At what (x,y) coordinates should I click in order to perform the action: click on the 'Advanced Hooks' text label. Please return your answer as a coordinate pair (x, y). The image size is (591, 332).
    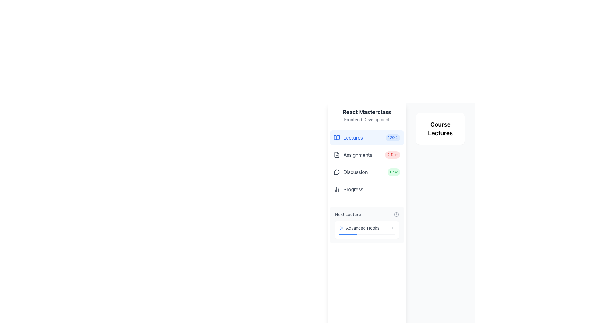
    Looking at the image, I should click on (367, 228).